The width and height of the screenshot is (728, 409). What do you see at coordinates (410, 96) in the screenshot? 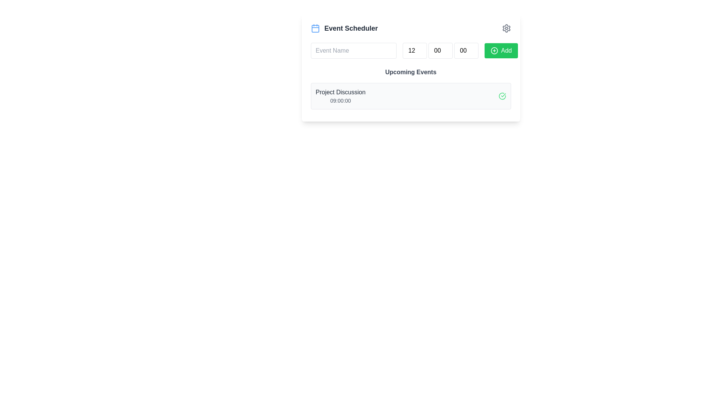
I see `the first list item under the 'Upcoming Events' section containing the title 'Project Discussion' and the time '09:00:00'` at bounding box center [410, 96].